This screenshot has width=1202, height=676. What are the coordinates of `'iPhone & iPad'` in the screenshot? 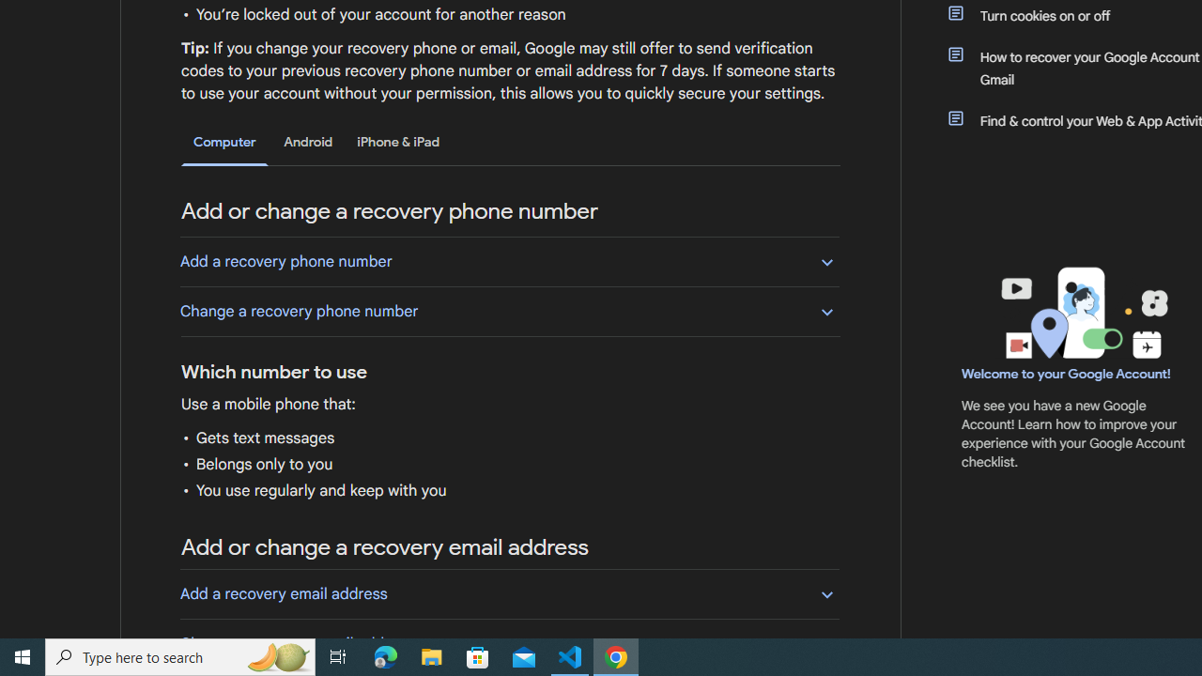 It's located at (397, 141).